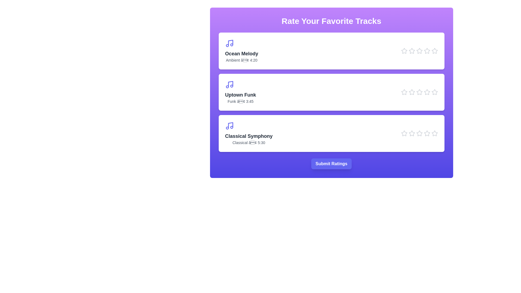  Describe the element at coordinates (427, 133) in the screenshot. I see `the star icon corresponding to Classical Symphony at 4 stars to preview the rating` at that location.